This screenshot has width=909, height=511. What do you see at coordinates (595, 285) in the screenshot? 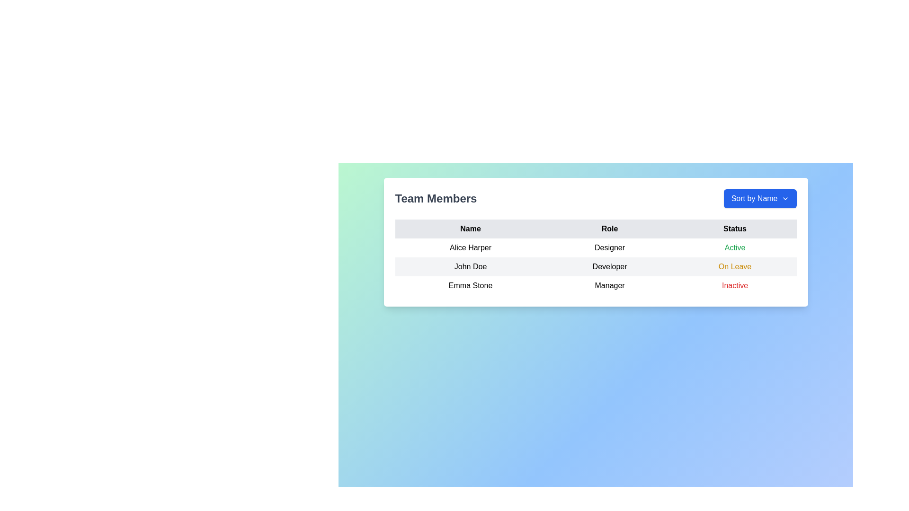
I see `name, role, and status information from the third row of the table that contains user-friendly information about a person` at bounding box center [595, 285].